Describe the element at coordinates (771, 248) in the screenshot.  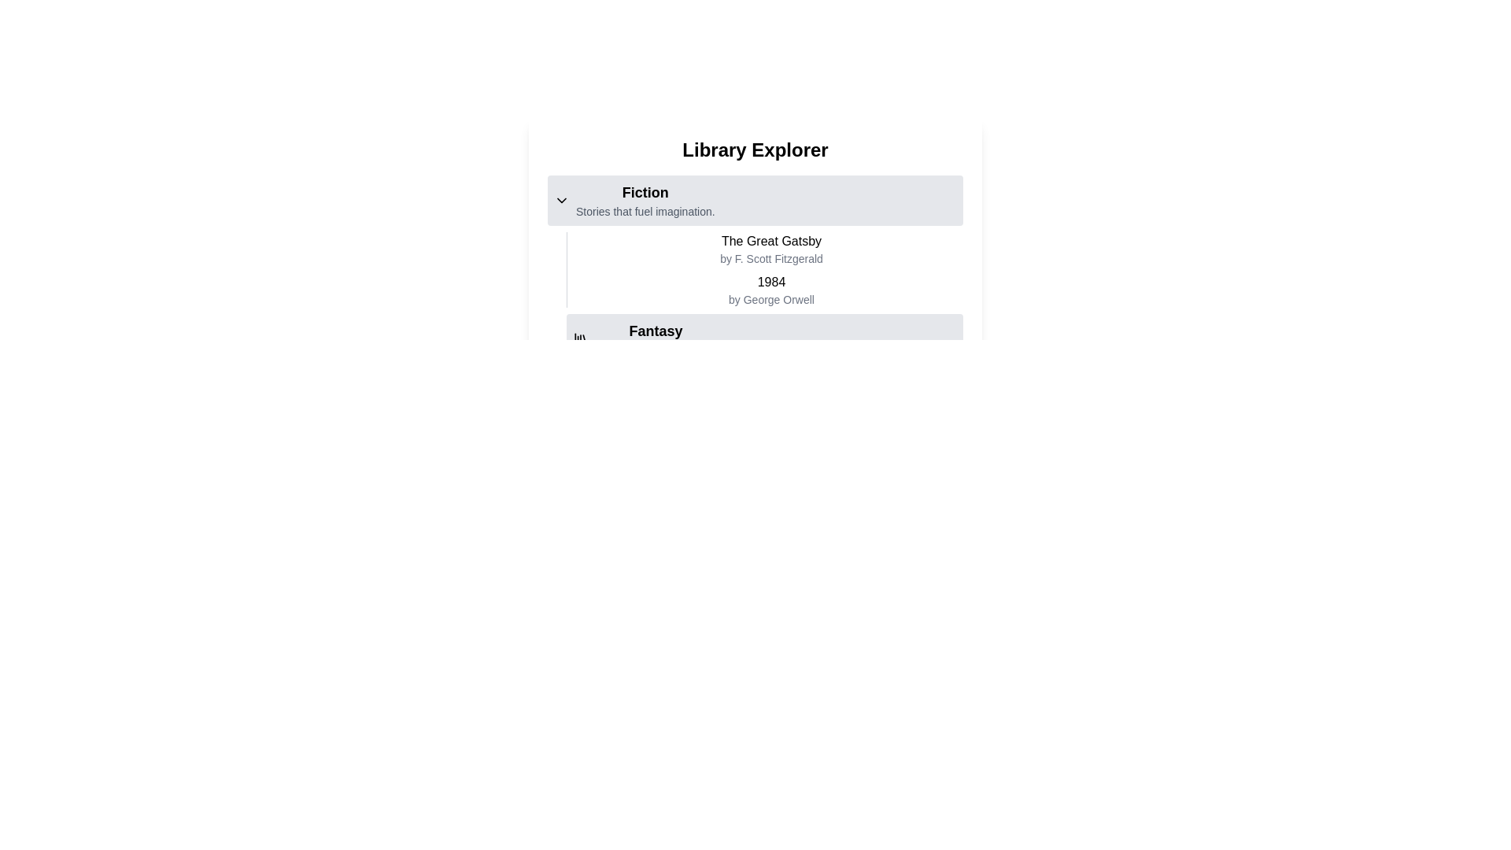
I see `the text display component titled 'The Great Gatsby' which is the first book entry in the Fiction category` at that location.